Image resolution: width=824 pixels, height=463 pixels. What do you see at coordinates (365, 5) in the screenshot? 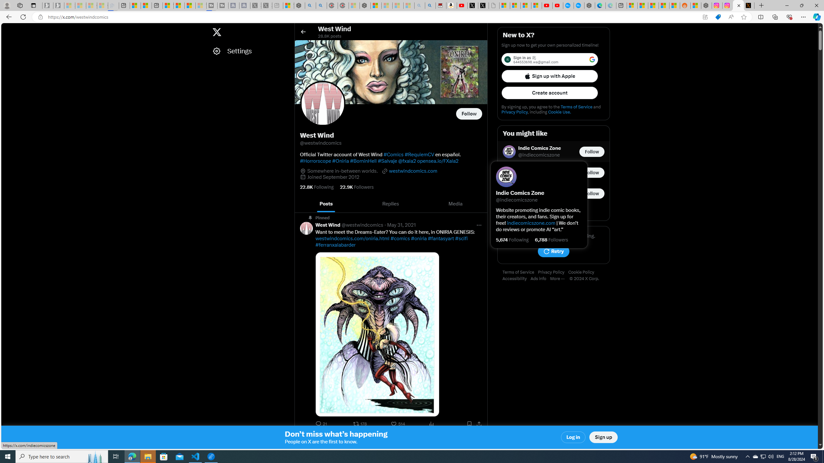
I see `'Nordace - Nordace Siena Is Not An Ordinary Backpack'` at bounding box center [365, 5].